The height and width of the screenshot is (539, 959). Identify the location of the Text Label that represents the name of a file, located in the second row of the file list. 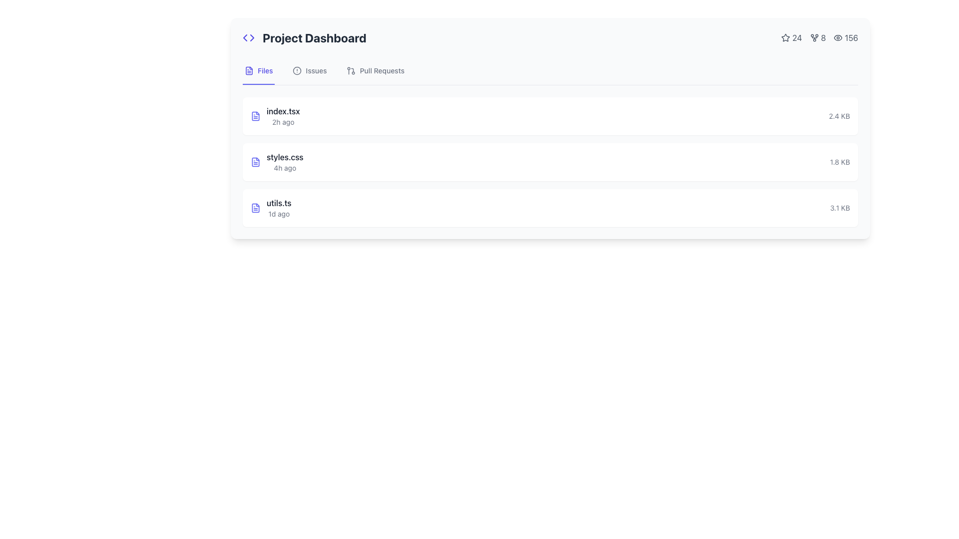
(284, 157).